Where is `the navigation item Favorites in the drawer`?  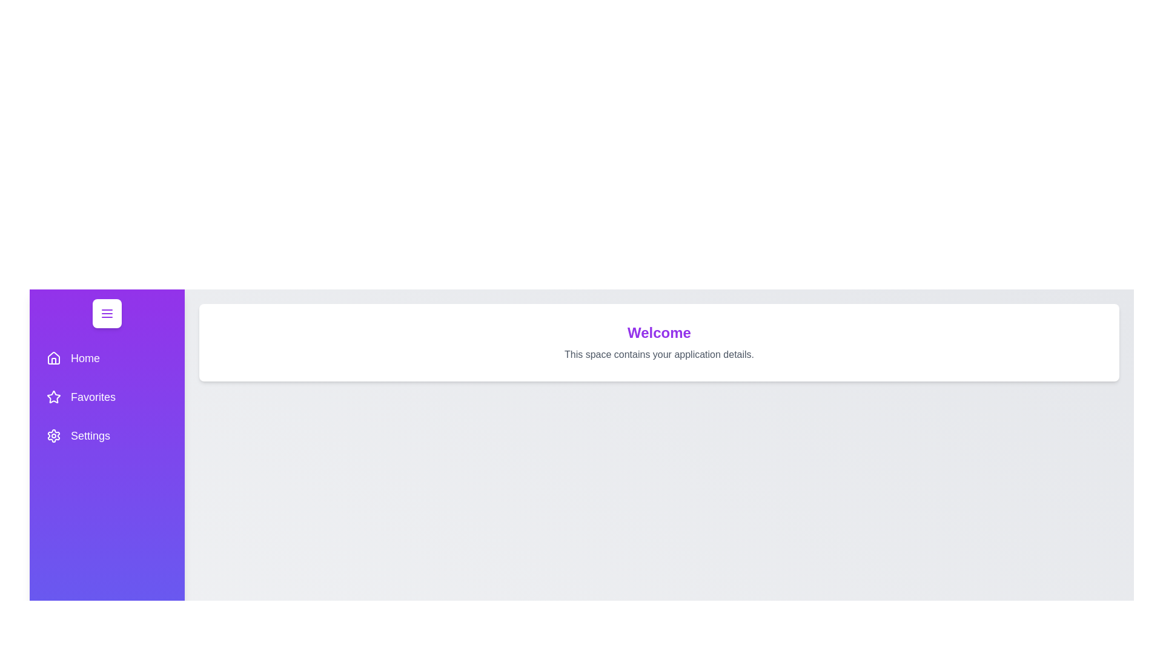 the navigation item Favorites in the drawer is located at coordinates (107, 397).